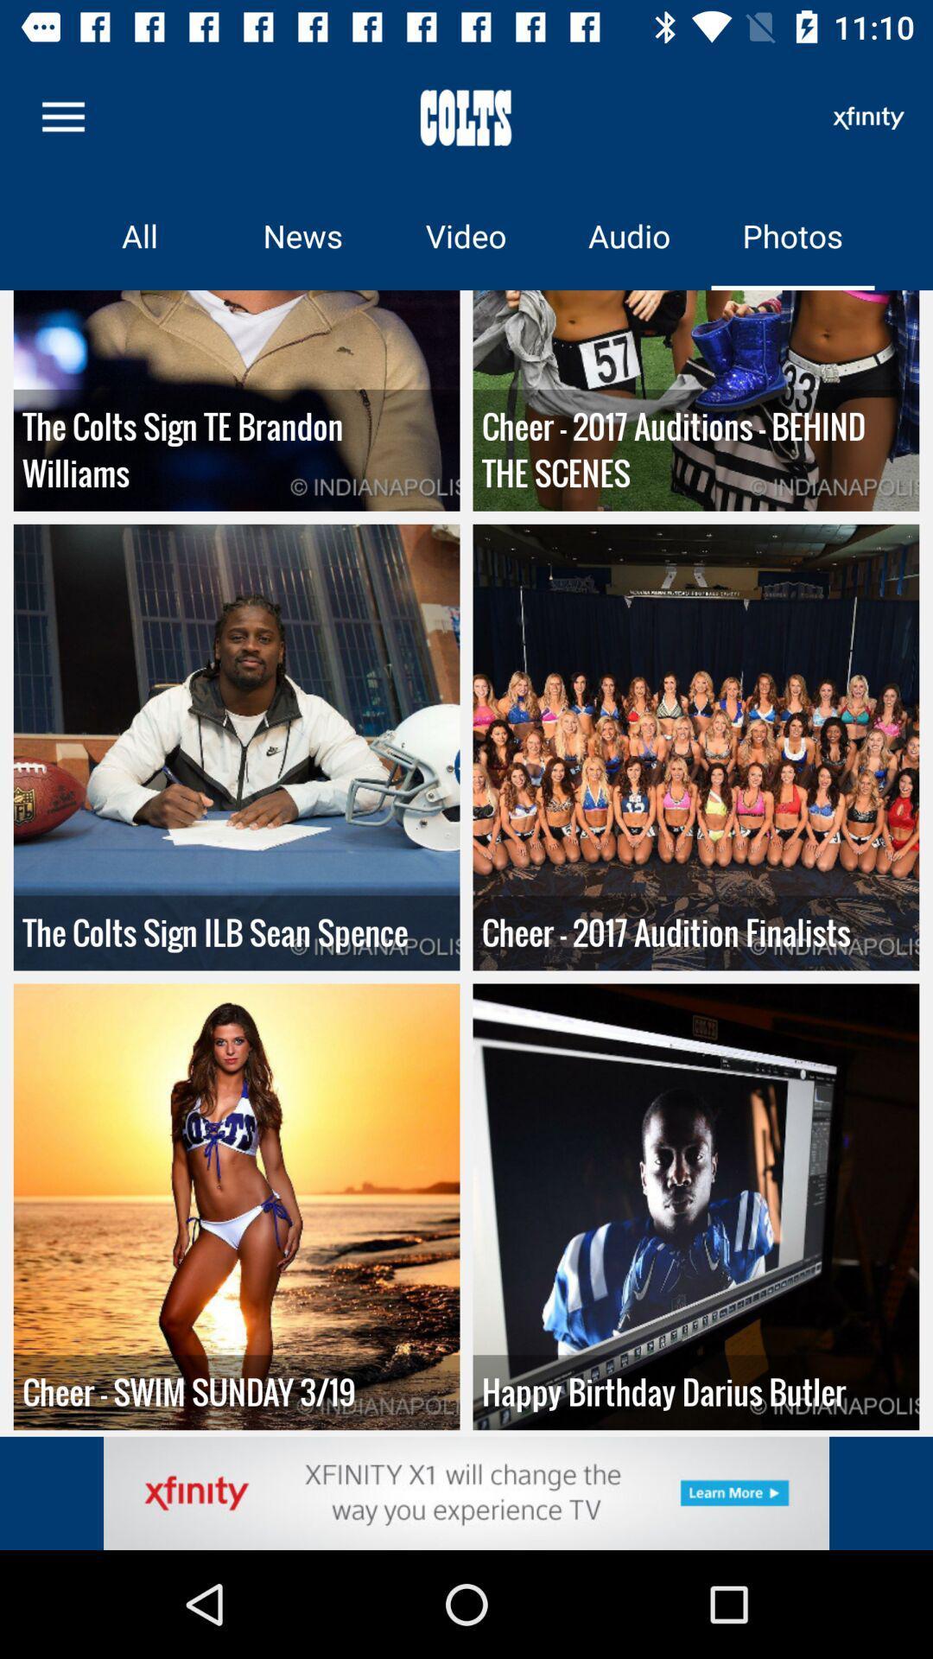 This screenshot has width=933, height=1659. Describe the element at coordinates (302, 235) in the screenshot. I see `the option having the text news` at that location.